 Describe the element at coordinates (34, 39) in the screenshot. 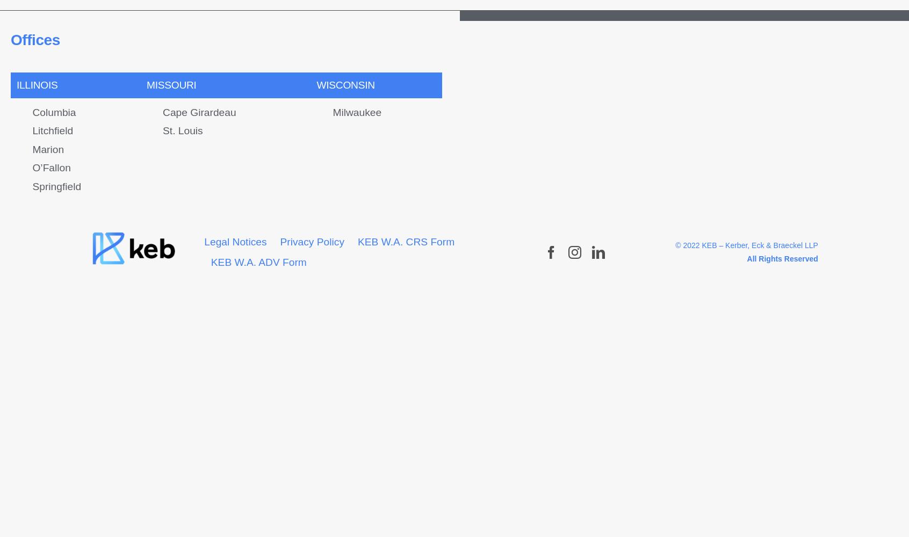

I see `'Offices'` at that location.